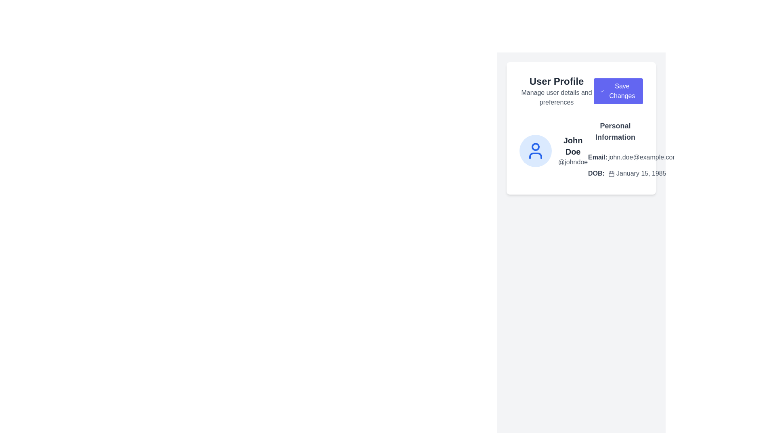 This screenshot has width=775, height=436. Describe the element at coordinates (535, 155) in the screenshot. I see `the decorative SVG graphic element that complements the user profile icon, located in the lower half of the icon above the text 'John Doe'` at that location.